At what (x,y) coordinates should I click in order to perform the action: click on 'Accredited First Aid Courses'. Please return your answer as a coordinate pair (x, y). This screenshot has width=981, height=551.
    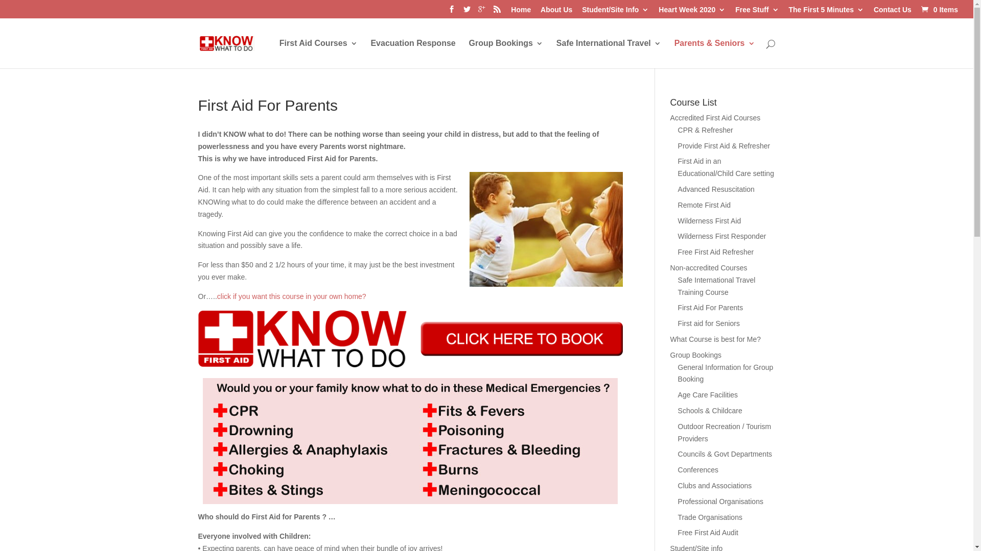
    Looking at the image, I should click on (715, 117).